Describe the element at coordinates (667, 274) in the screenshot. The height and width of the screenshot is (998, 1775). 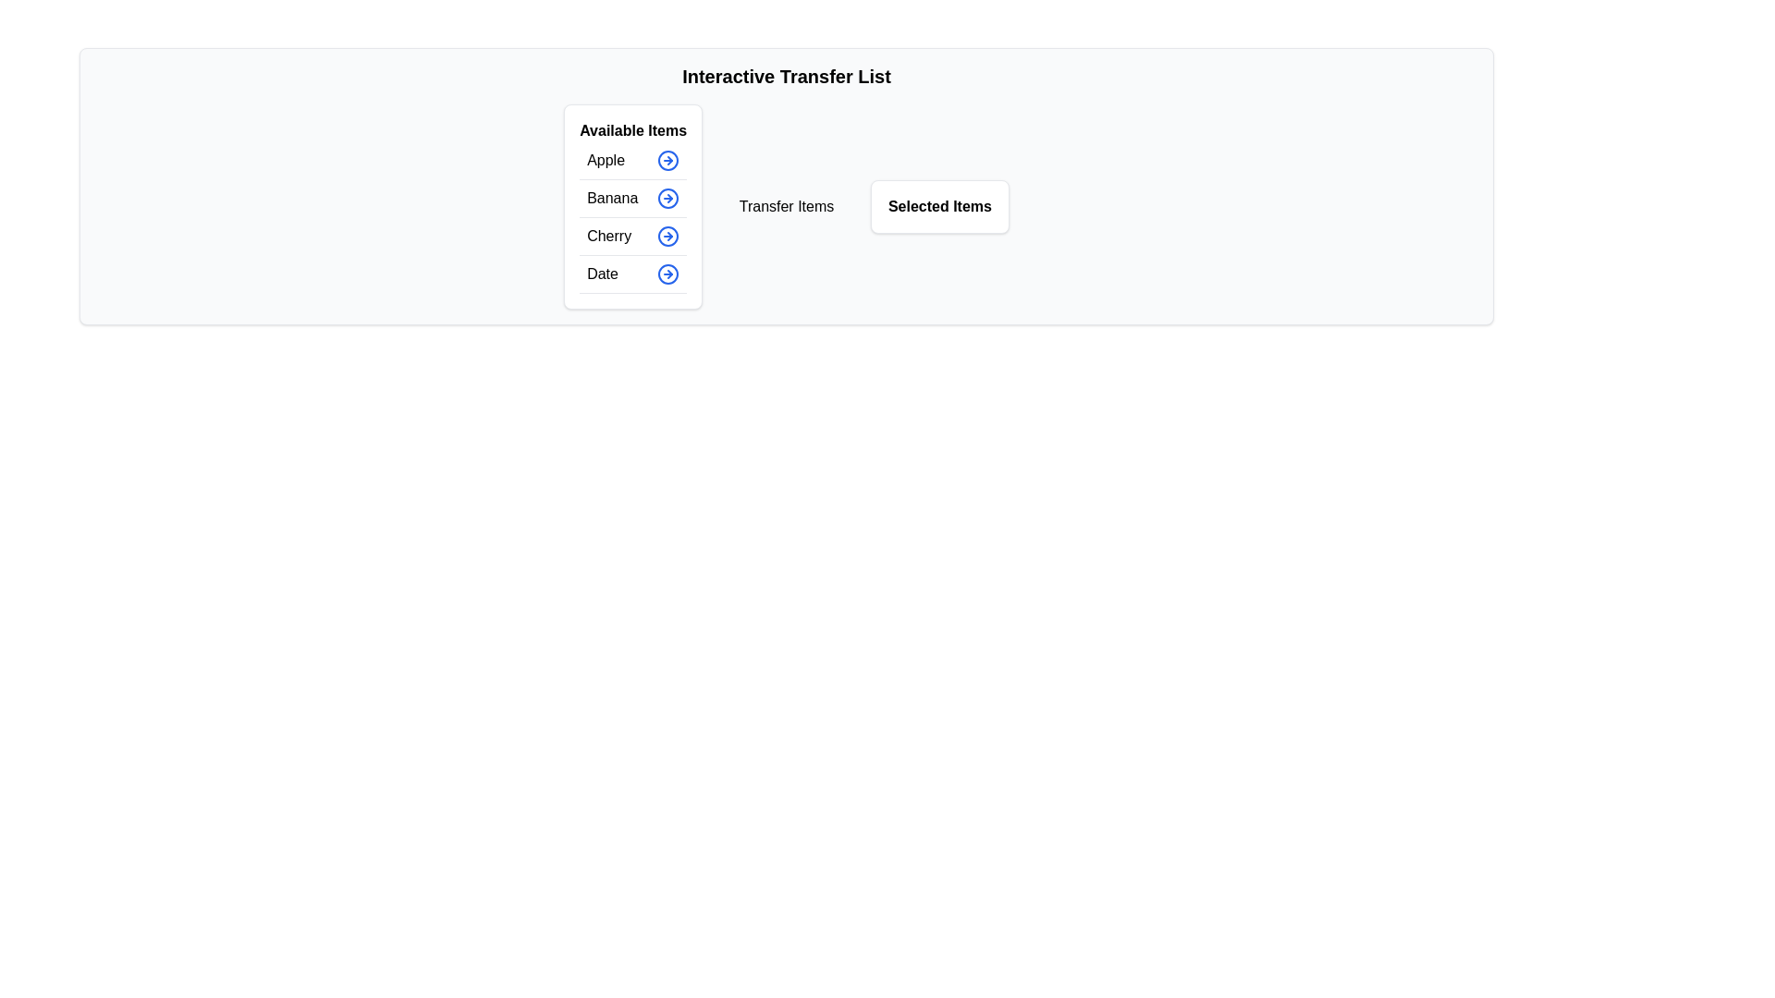
I see `the button corresponding to Date in the available items list to display its tooltip or visual feedback` at that location.